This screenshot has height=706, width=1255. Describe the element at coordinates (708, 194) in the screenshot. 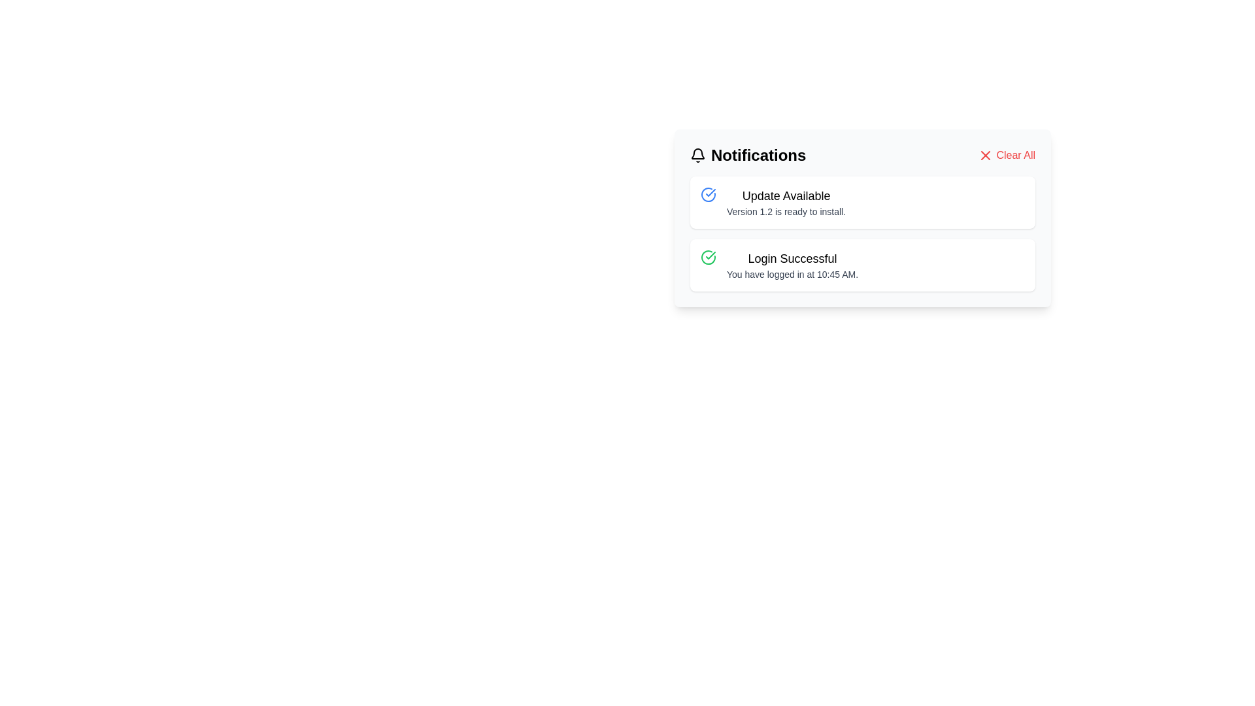

I see `the icon that indicates a successful notification processing, located in the upper-left corner of the 'Update Available' notification card` at that location.